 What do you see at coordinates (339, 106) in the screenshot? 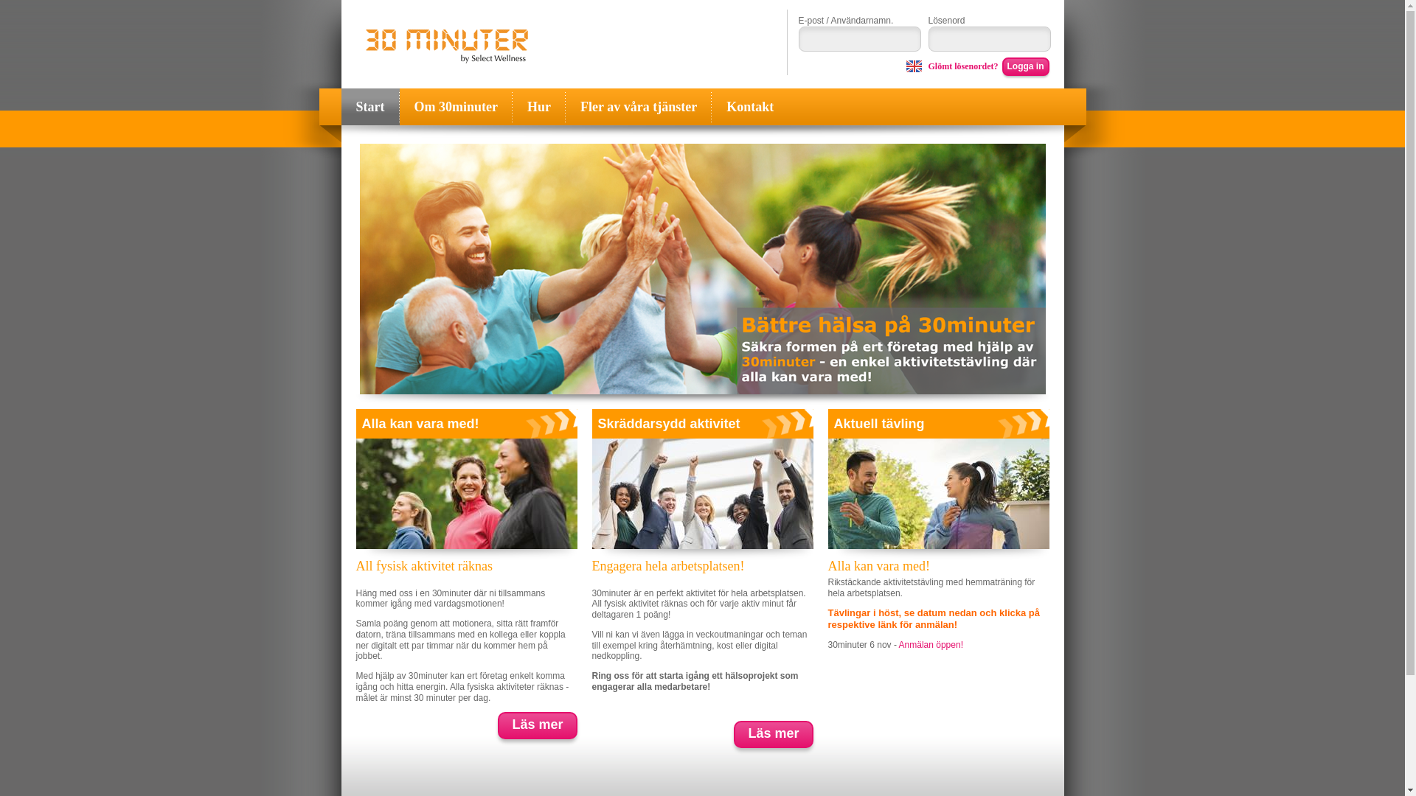
I see `'Start'` at bounding box center [339, 106].